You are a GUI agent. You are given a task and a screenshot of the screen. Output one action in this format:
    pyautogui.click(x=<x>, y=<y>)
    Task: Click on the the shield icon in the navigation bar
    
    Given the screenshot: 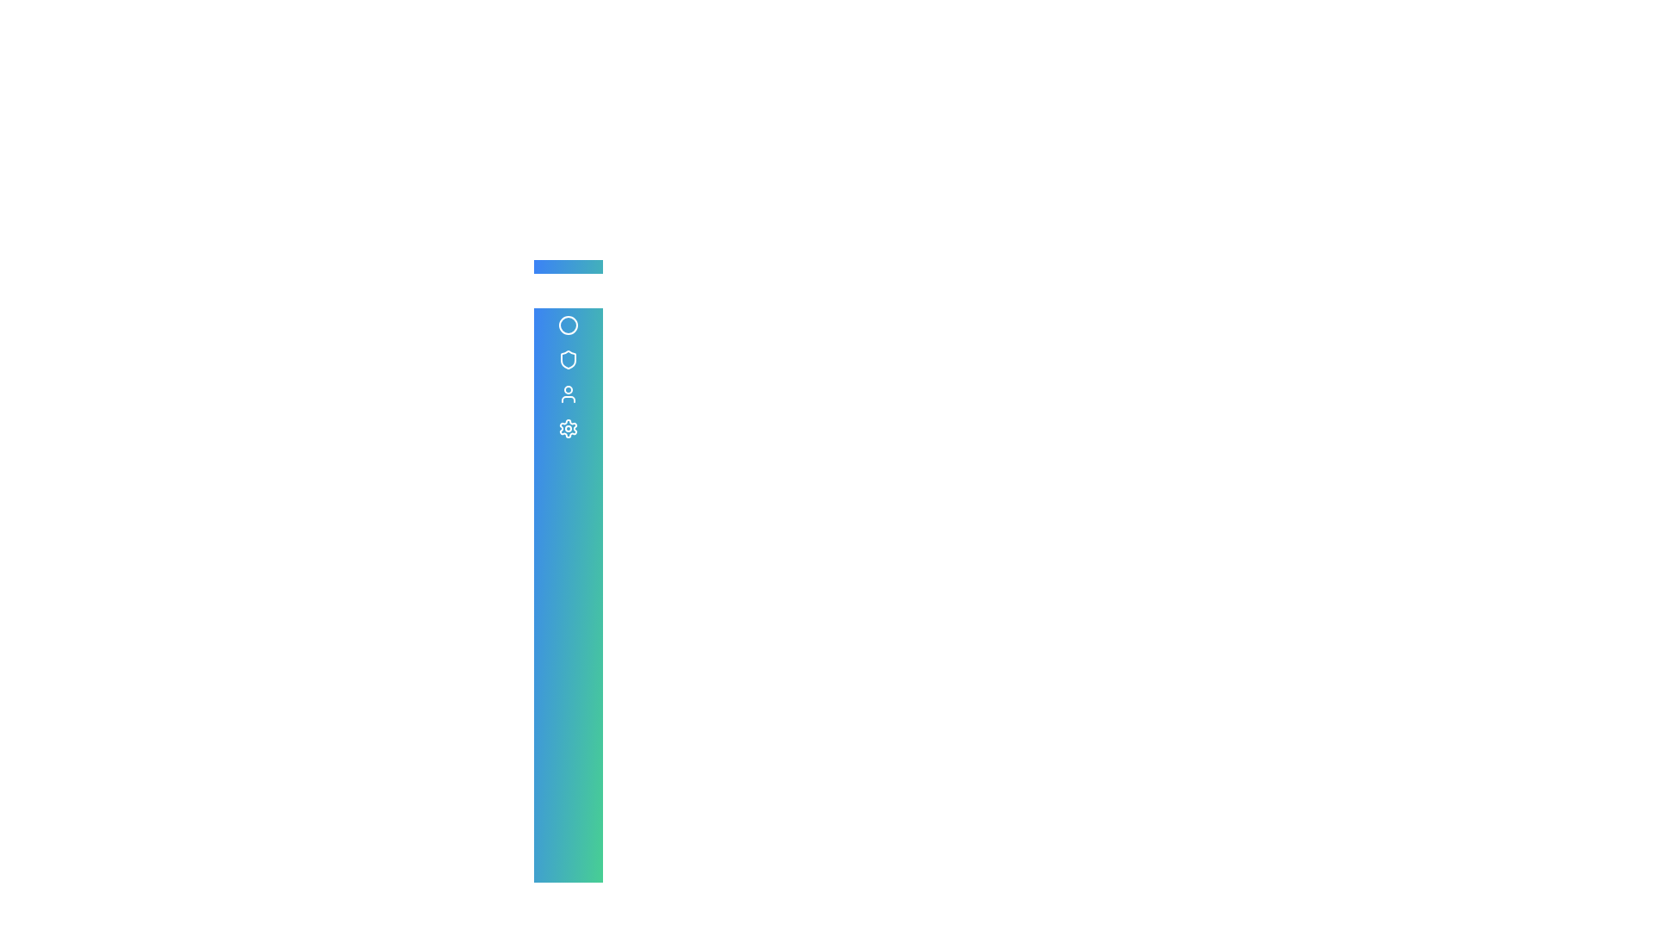 What is the action you would take?
    pyautogui.click(x=569, y=358)
    